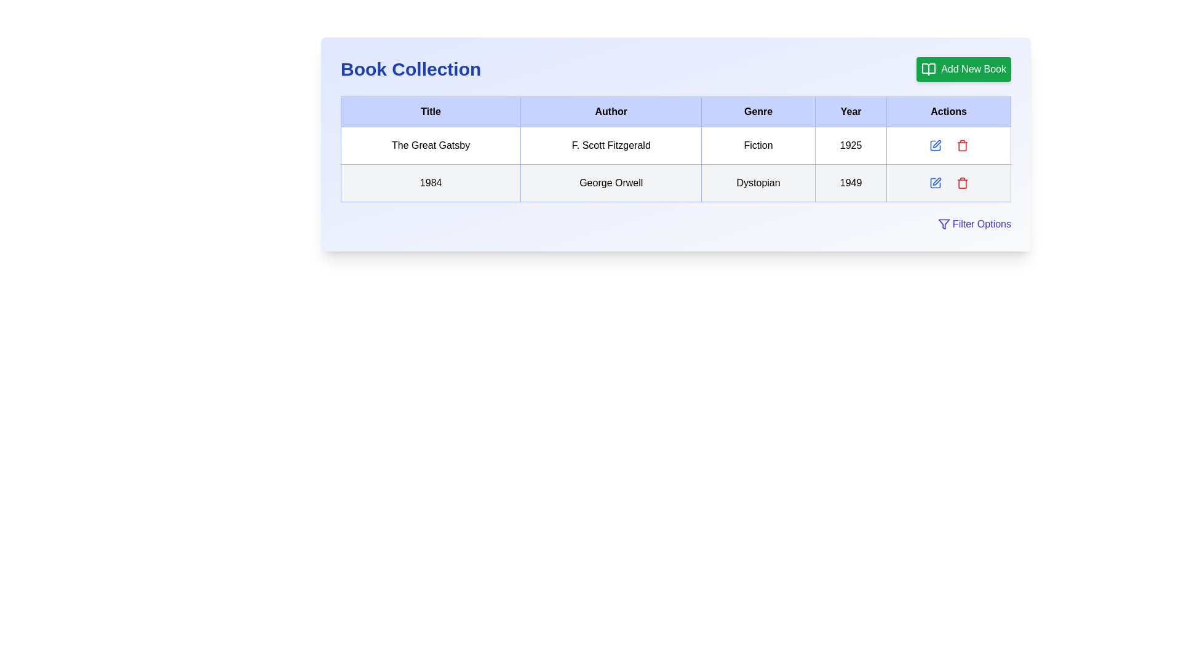 The width and height of the screenshot is (1181, 664). Describe the element at coordinates (850, 144) in the screenshot. I see `text '1925' visually in the table cell of the first row representing 'The Great Gatsby', located in the fourth column labeled 'Year'` at that location.